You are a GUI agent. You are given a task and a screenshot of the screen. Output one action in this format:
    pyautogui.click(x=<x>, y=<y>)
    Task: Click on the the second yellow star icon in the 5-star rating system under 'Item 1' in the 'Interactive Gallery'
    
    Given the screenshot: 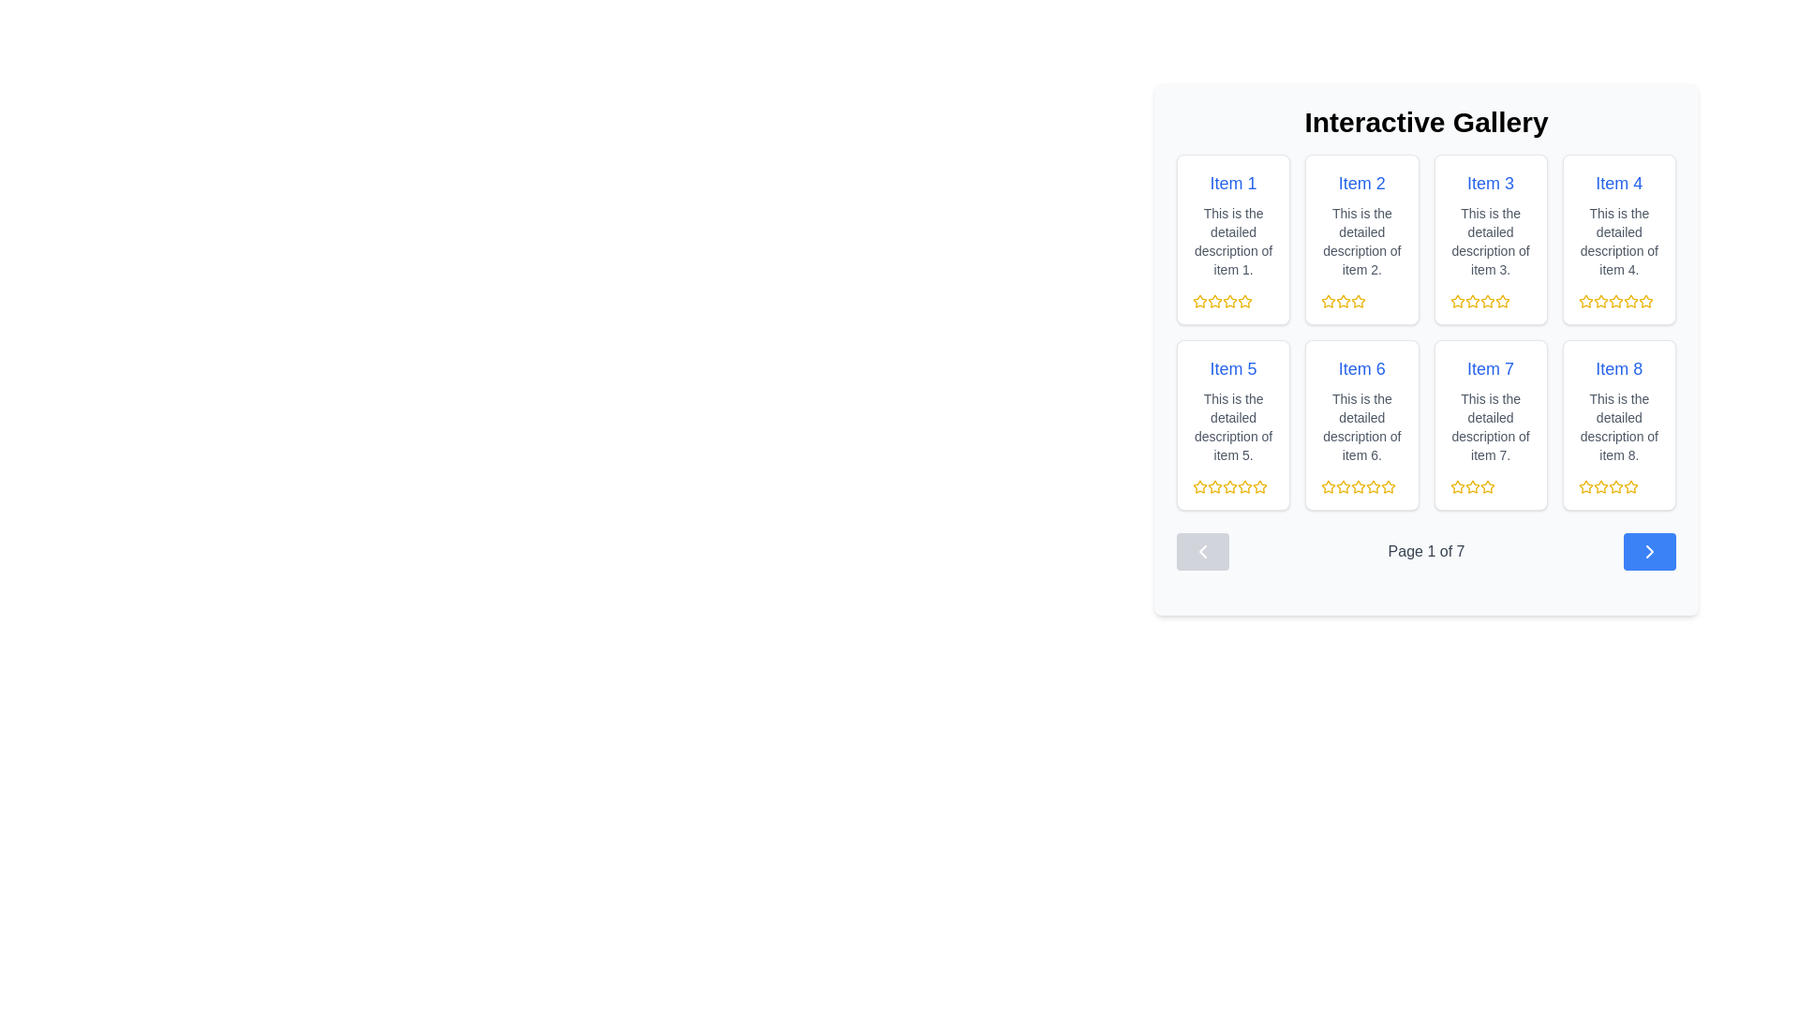 What is the action you would take?
    pyautogui.click(x=1214, y=300)
    